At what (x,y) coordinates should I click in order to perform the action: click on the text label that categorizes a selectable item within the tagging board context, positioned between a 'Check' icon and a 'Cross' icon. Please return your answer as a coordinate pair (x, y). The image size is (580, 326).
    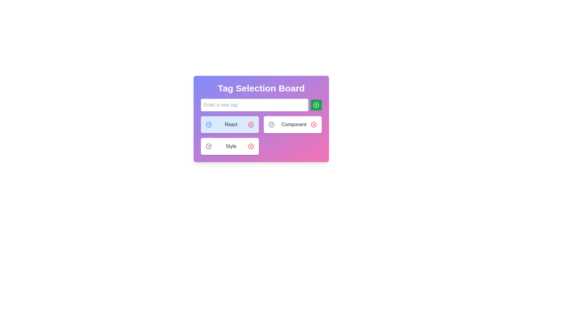
    Looking at the image, I should click on (294, 124).